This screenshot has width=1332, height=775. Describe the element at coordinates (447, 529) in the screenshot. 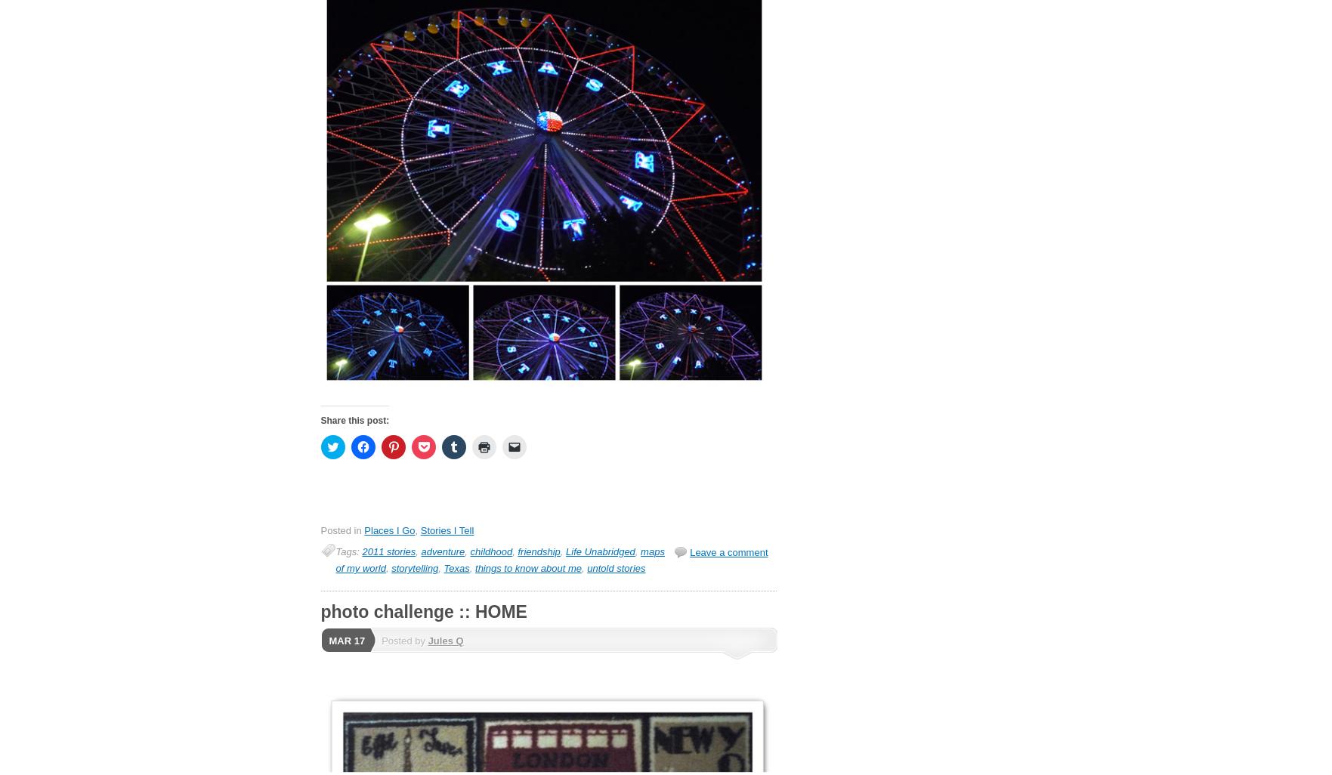

I see `'Stories I Tell'` at that location.